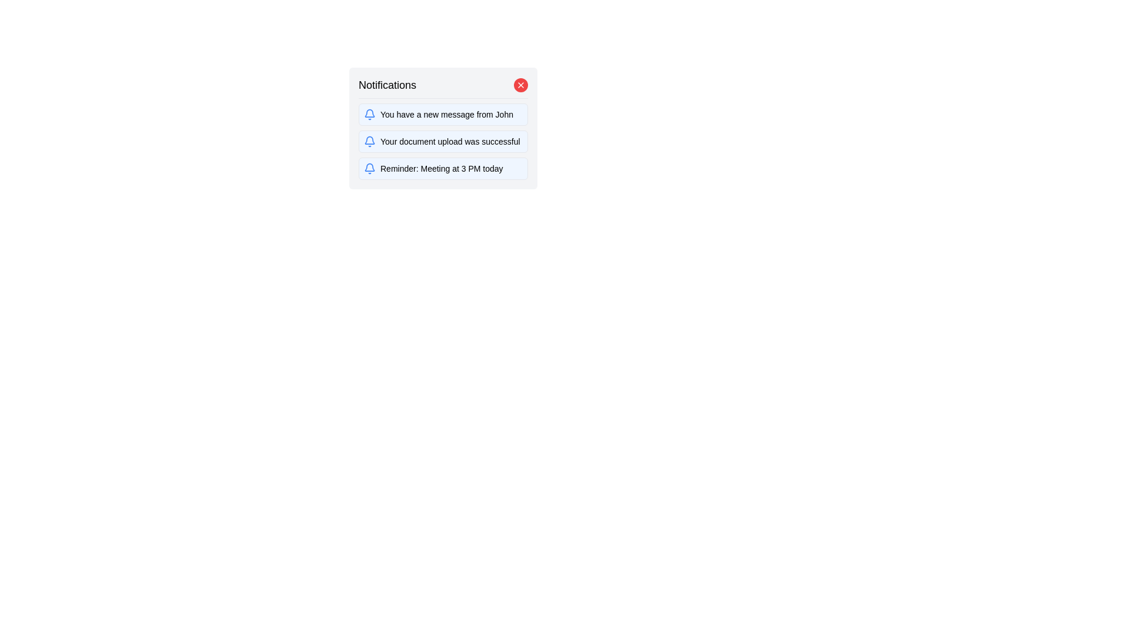 The width and height of the screenshot is (1129, 635). I want to click on the bold 'X' icon with a red background located at the top-right corner of the notification card, so click(520, 85).